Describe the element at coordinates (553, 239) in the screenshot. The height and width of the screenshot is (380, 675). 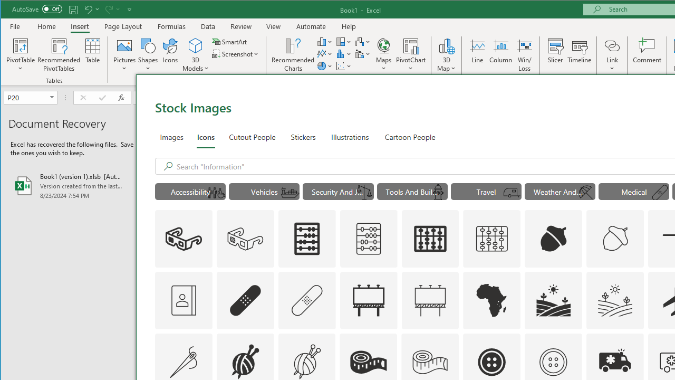
I see `'AutomationID: Icons_Acorn'` at that location.